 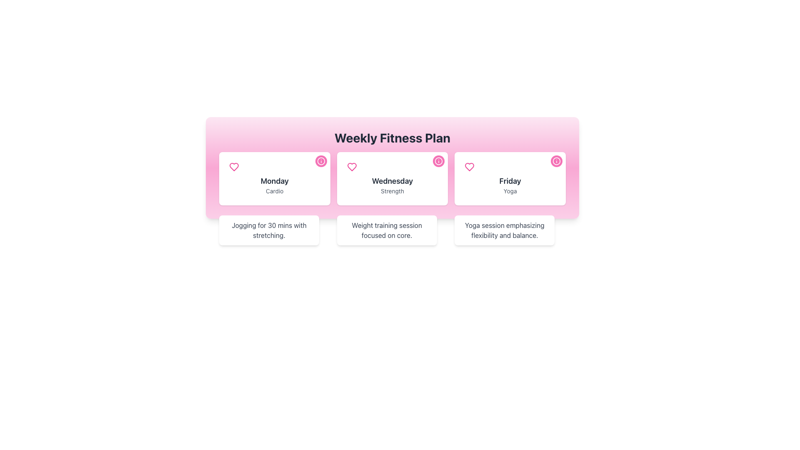 What do you see at coordinates (392, 191) in the screenshot?
I see `the text label that reads 'Strength', which is styled in a smaller gray font and positioned below the 'Wednesday' title in the central card of the Weekly Fitness Plan` at bounding box center [392, 191].